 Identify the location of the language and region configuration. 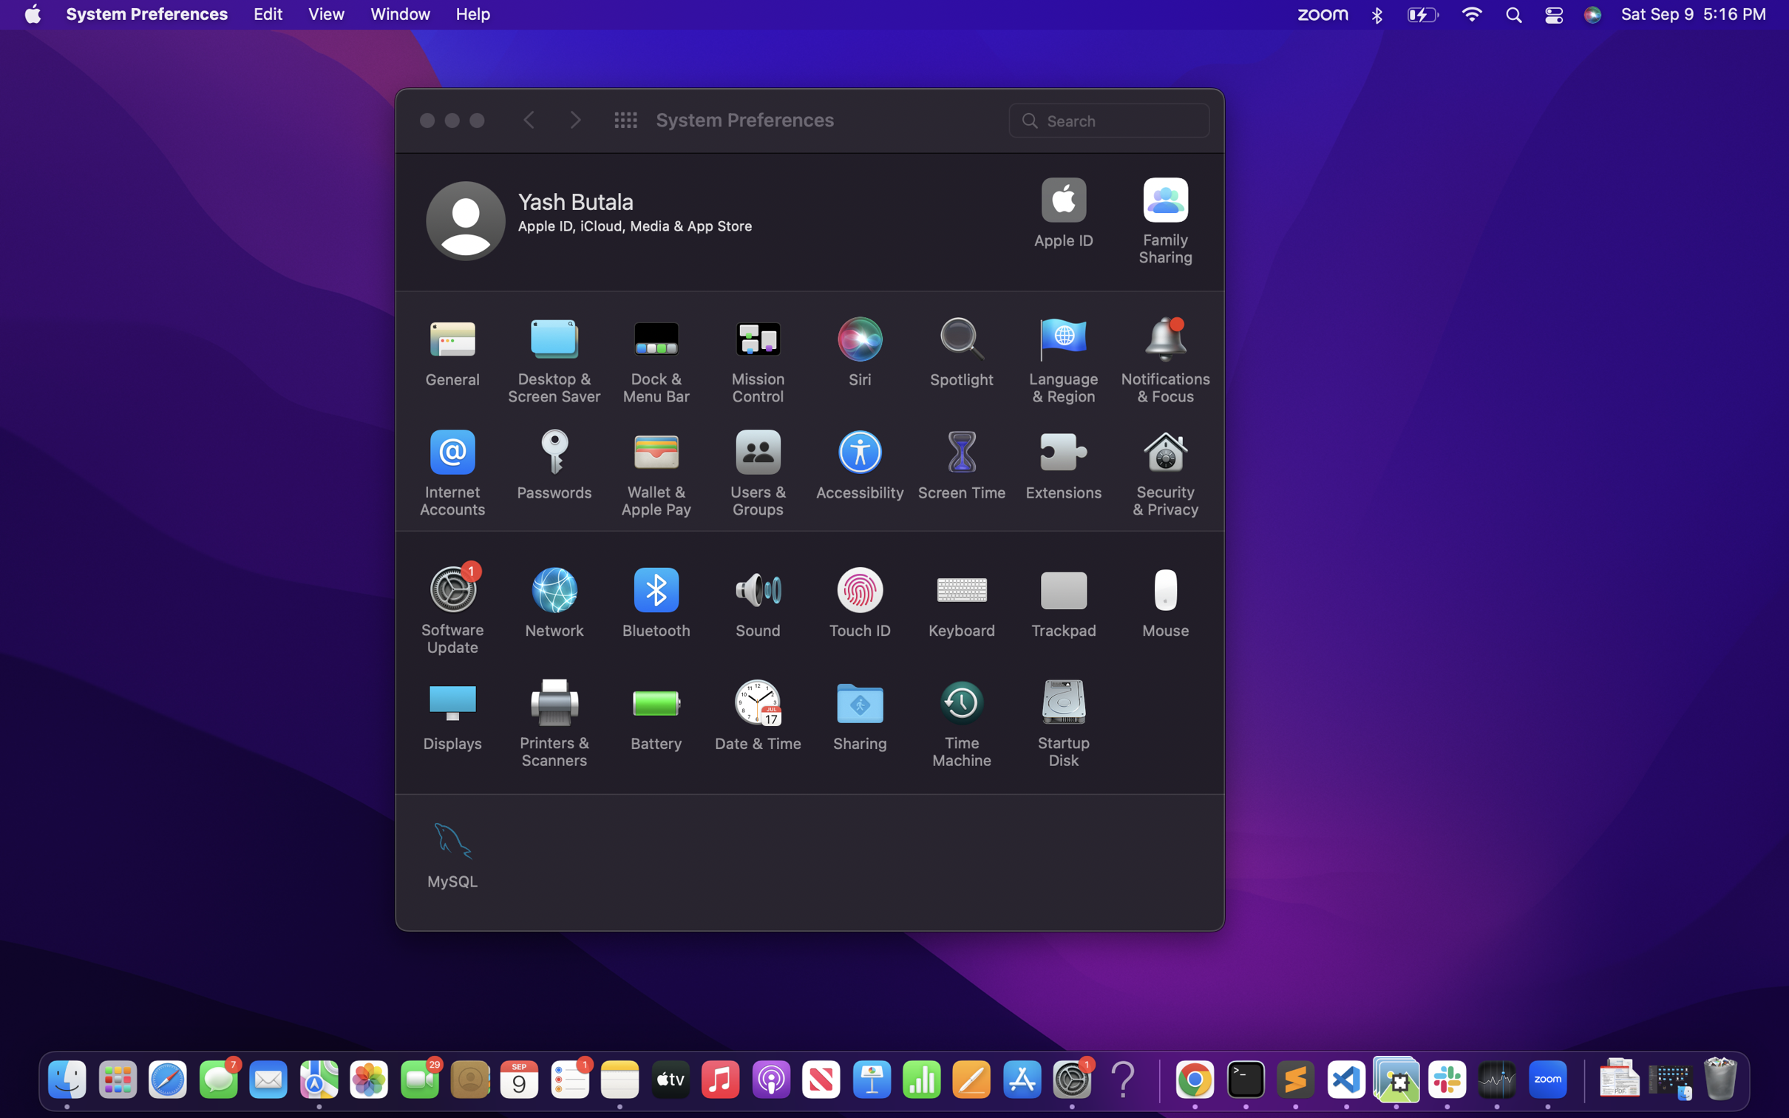
(1064, 360).